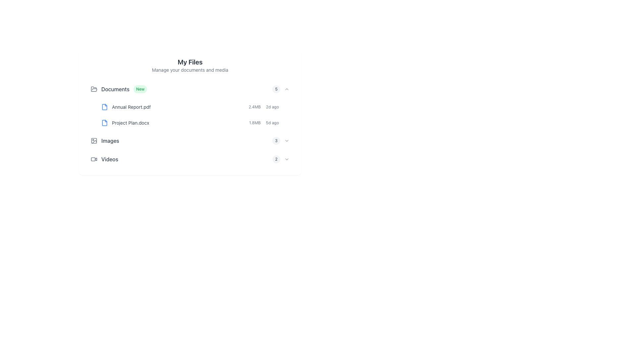 The image size is (636, 357). What do you see at coordinates (104, 107) in the screenshot?
I see `the file icon, which is a minimalist, light blue graphical design located next` at bounding box center [104, 107].